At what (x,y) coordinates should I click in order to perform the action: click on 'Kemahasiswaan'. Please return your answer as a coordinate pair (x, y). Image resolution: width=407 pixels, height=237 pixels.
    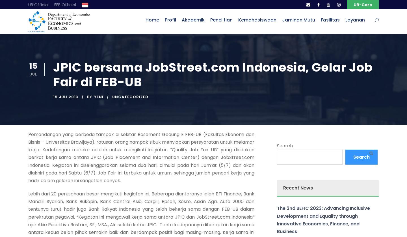
    Looking at the image, I should click on (257, 20).